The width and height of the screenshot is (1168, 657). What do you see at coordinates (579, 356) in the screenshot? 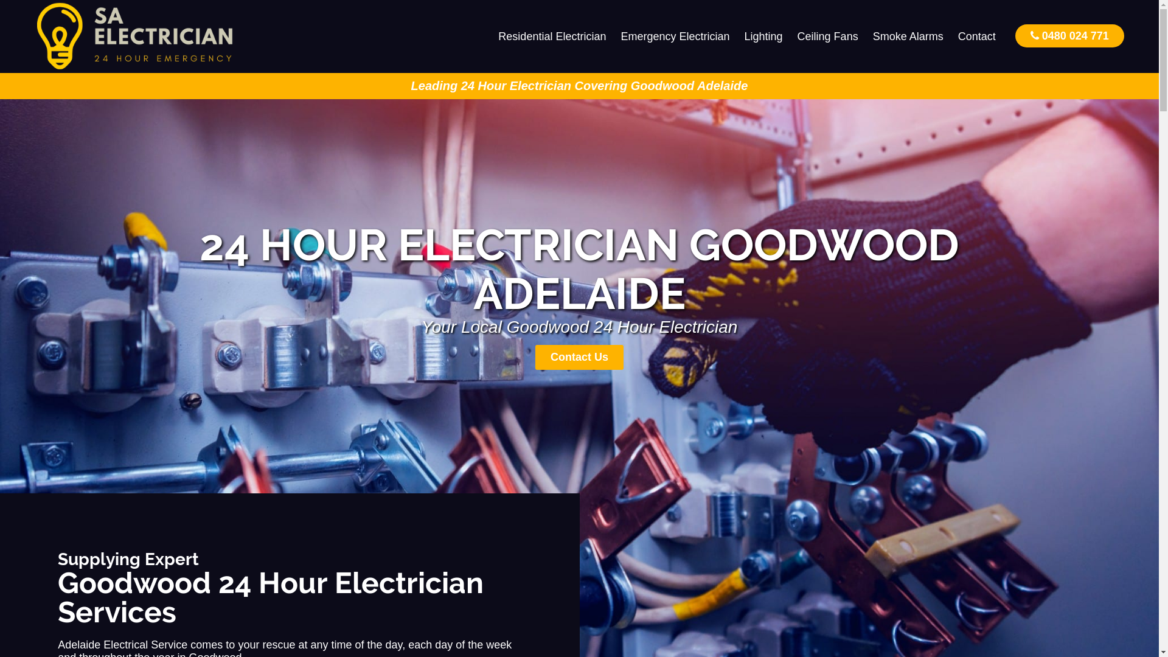
I see `'Contact Us'` at bounding box center [579, 356].